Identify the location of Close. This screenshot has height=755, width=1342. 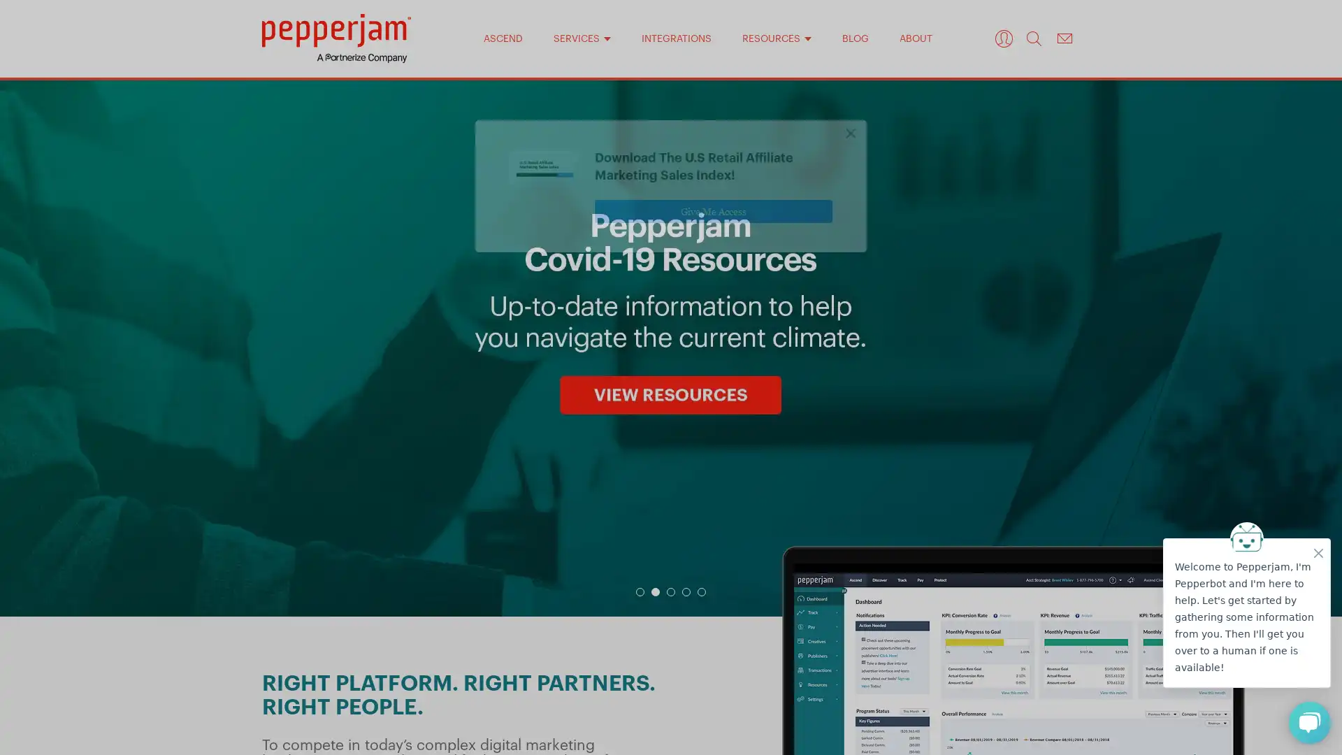
(851, 153).